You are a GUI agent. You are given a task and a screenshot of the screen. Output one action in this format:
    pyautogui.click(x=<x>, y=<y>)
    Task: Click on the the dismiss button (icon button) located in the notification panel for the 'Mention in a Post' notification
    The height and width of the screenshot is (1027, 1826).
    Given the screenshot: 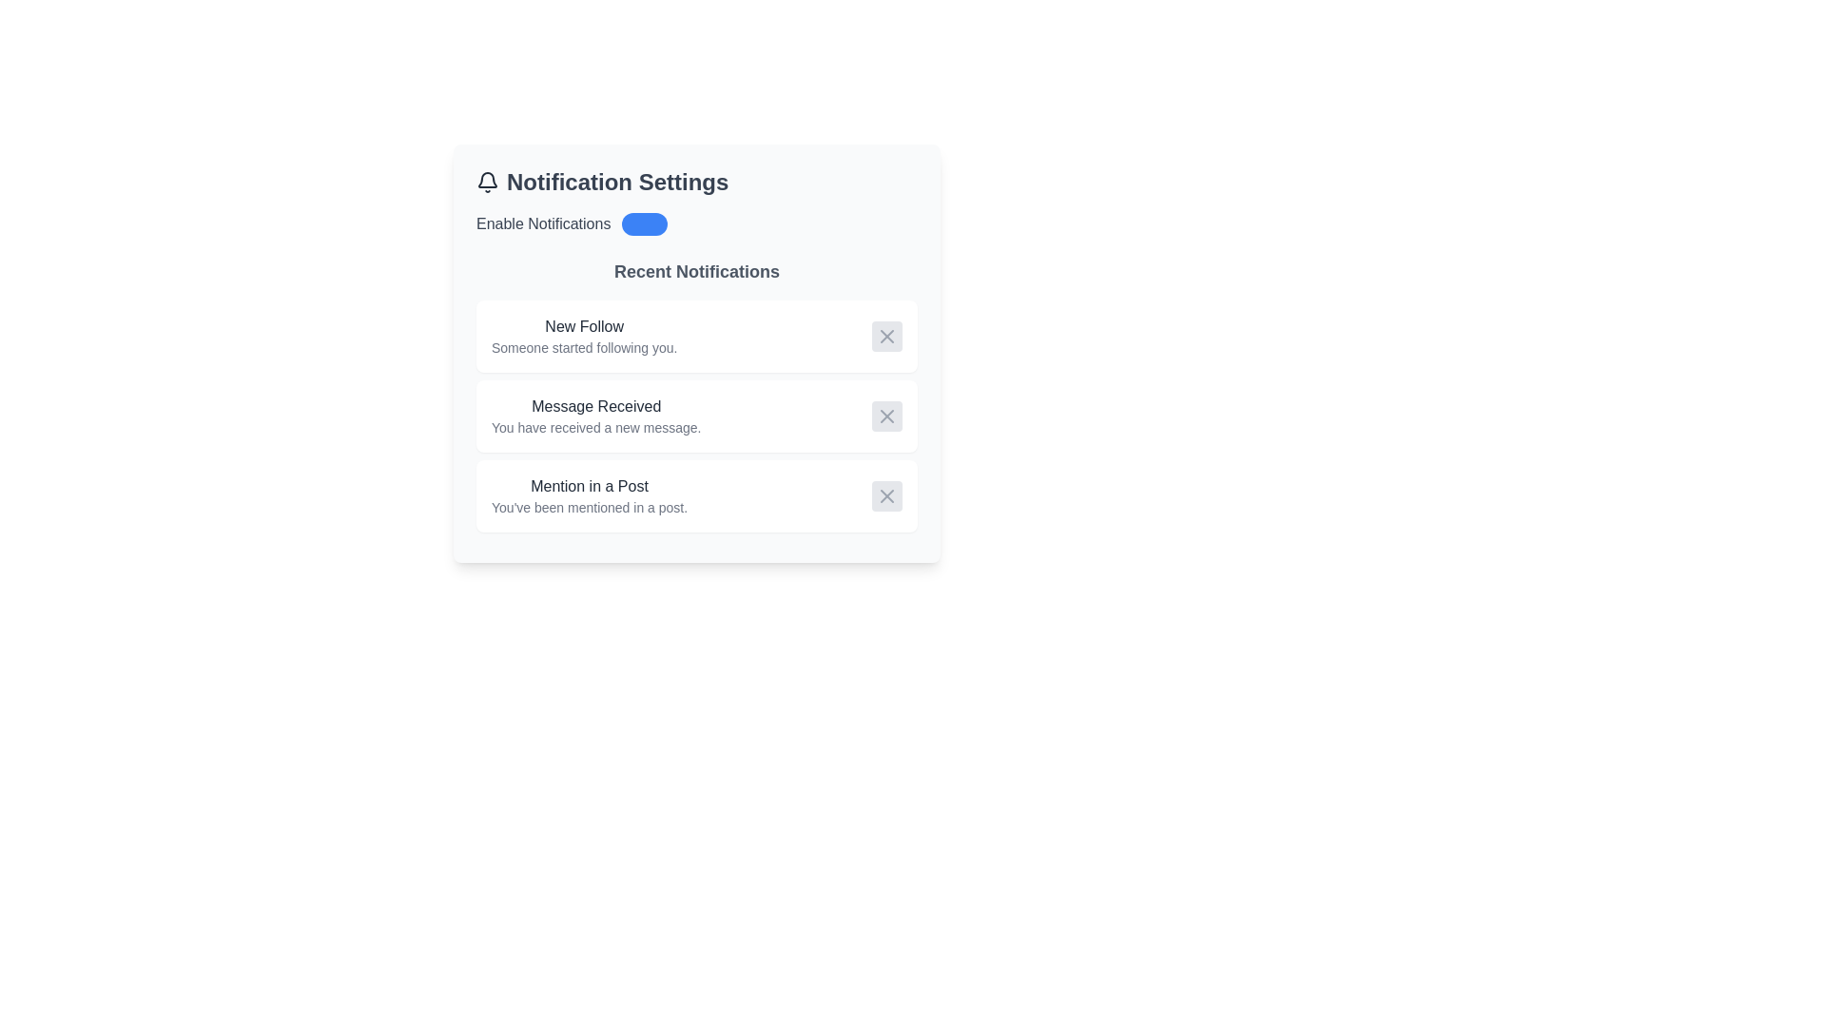 What is the action you would take?
    pyautogui.click(x=885, y=494)
    